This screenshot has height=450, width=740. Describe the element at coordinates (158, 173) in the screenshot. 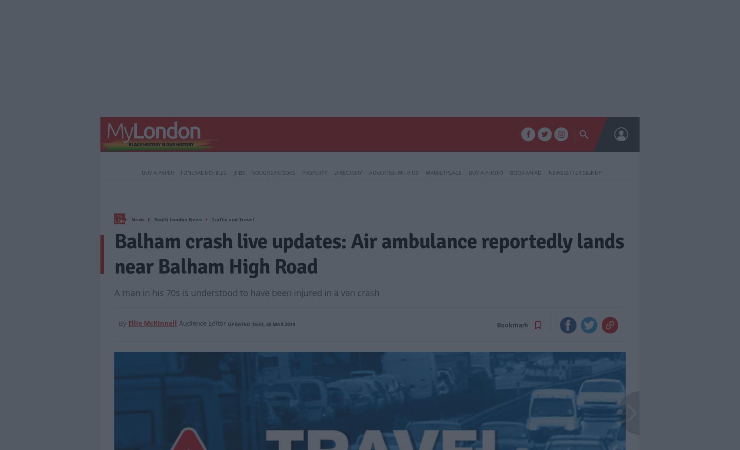

I see `'Buy a Paper'` at that location.